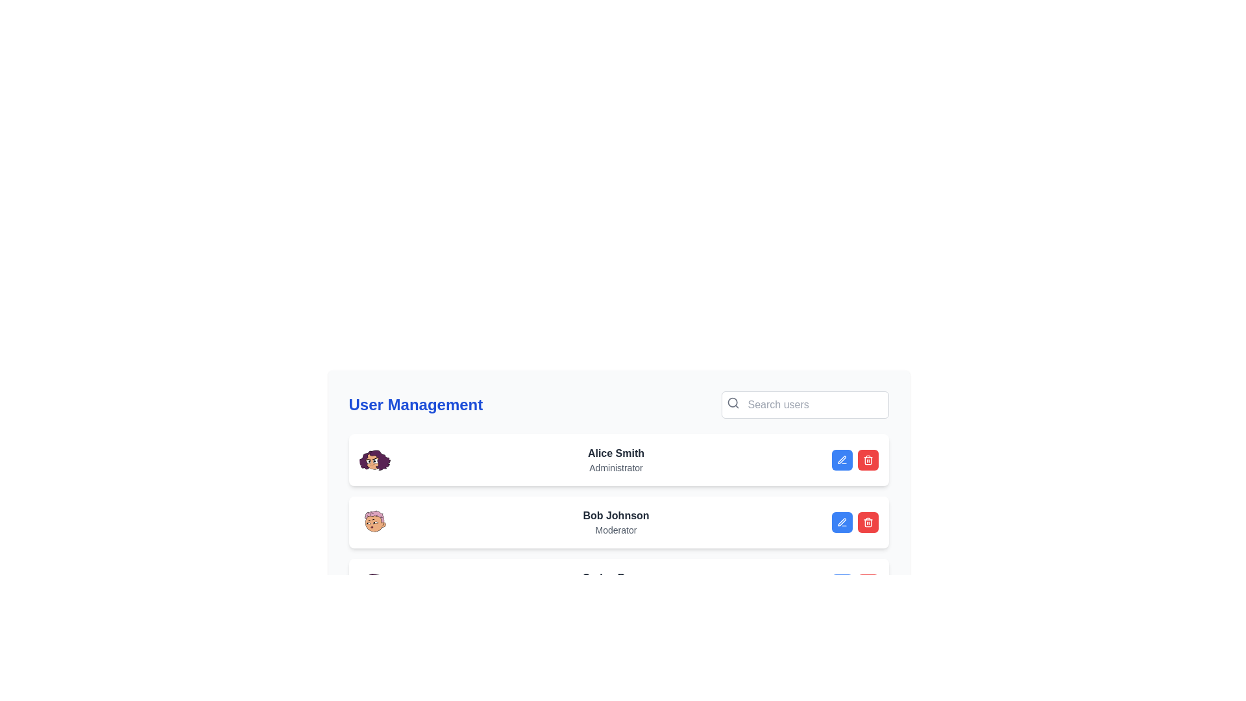 The height and width of the screenshot is (701, 1246). What do you see at coordinates (842, 460) in the screenshot?
I see `the pen icon inside the blue button associated with 'Alice Smith', an 'Administrator' in the 'User Management' section` at bounding box center [842, 460].